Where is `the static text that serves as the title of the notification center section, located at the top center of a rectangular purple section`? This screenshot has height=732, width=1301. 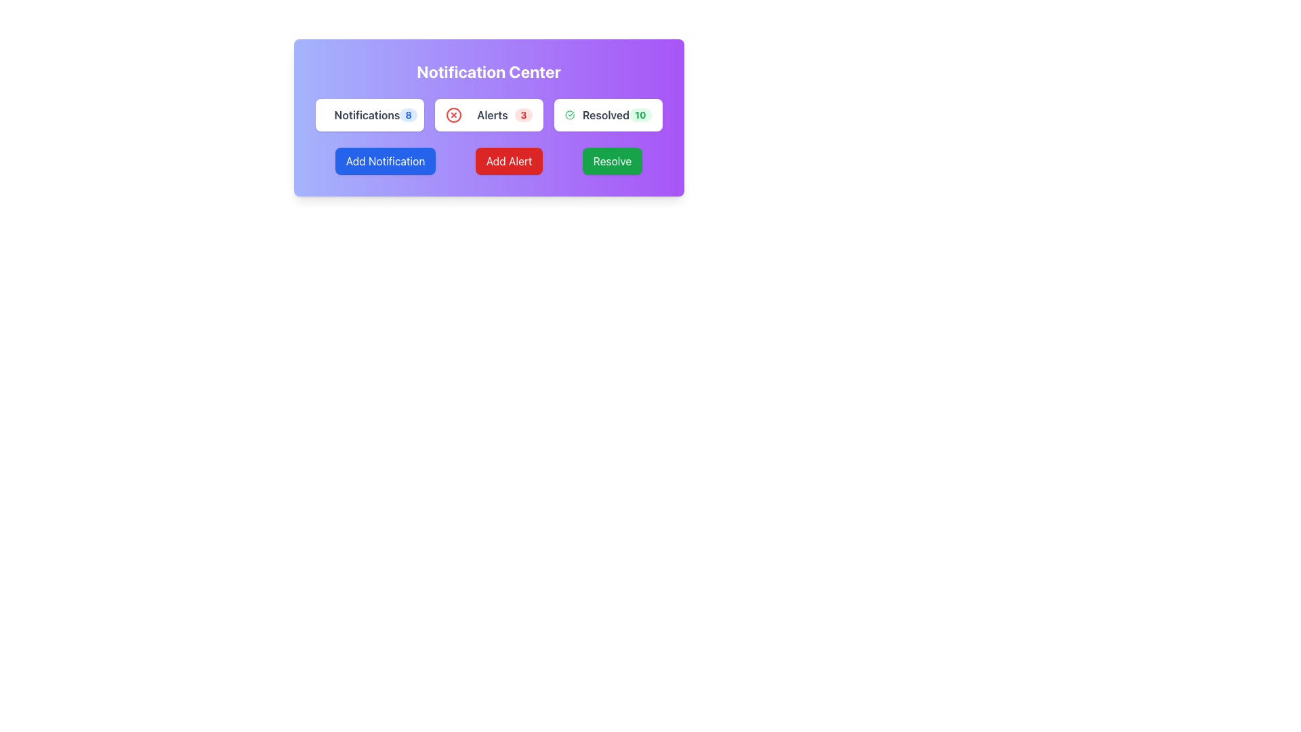
the static text that serves as the title of the notification center section, located at the top center of a rectangular purple section is located at coordinates (488, 71).